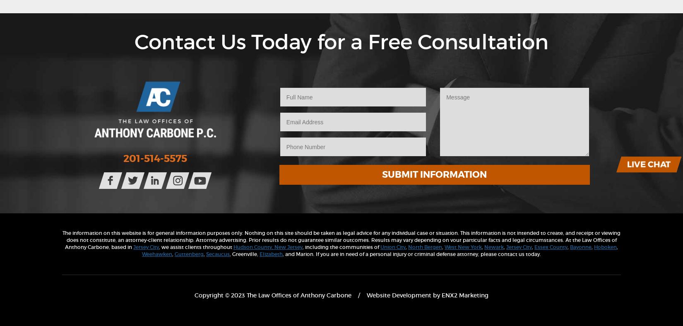 Image resolution: width=683 pixels, height=326 pixels. Describe the element at coordinates (428, 295) in the screenshot. I see `'Website Development by ENX2 Marketing'` at that location.